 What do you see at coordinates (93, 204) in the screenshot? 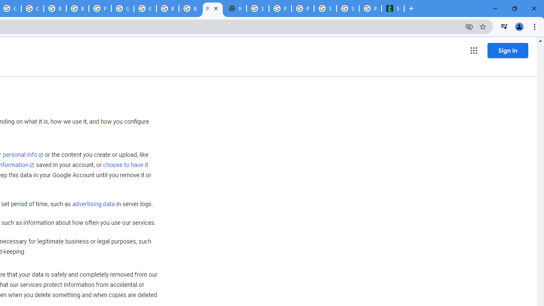
I see `'advertising data'` at bounding box center [93, 204].